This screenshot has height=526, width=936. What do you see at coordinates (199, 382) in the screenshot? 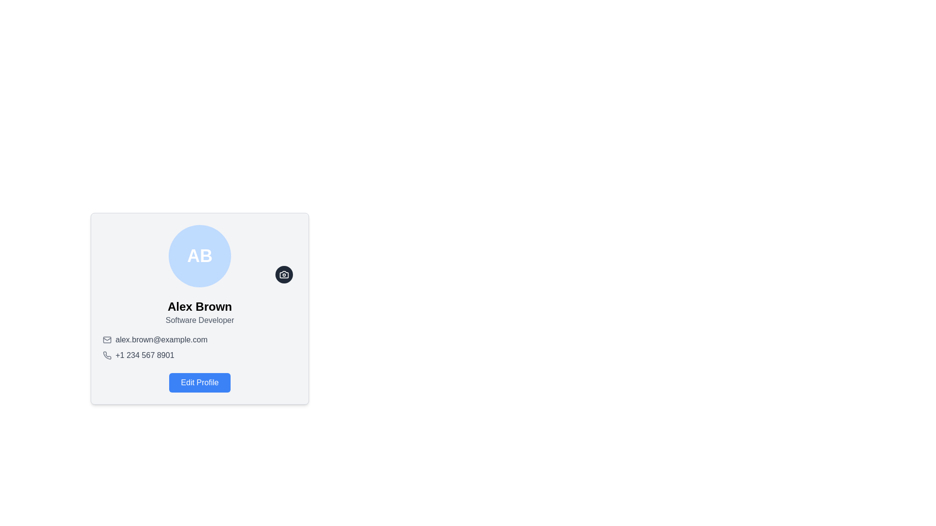
I see `the 'Edit Profile' button, which is a rectangular button with bold white text on a bright blue background located centrally at the bottom of the profile section` at bounding box center [199, 382].